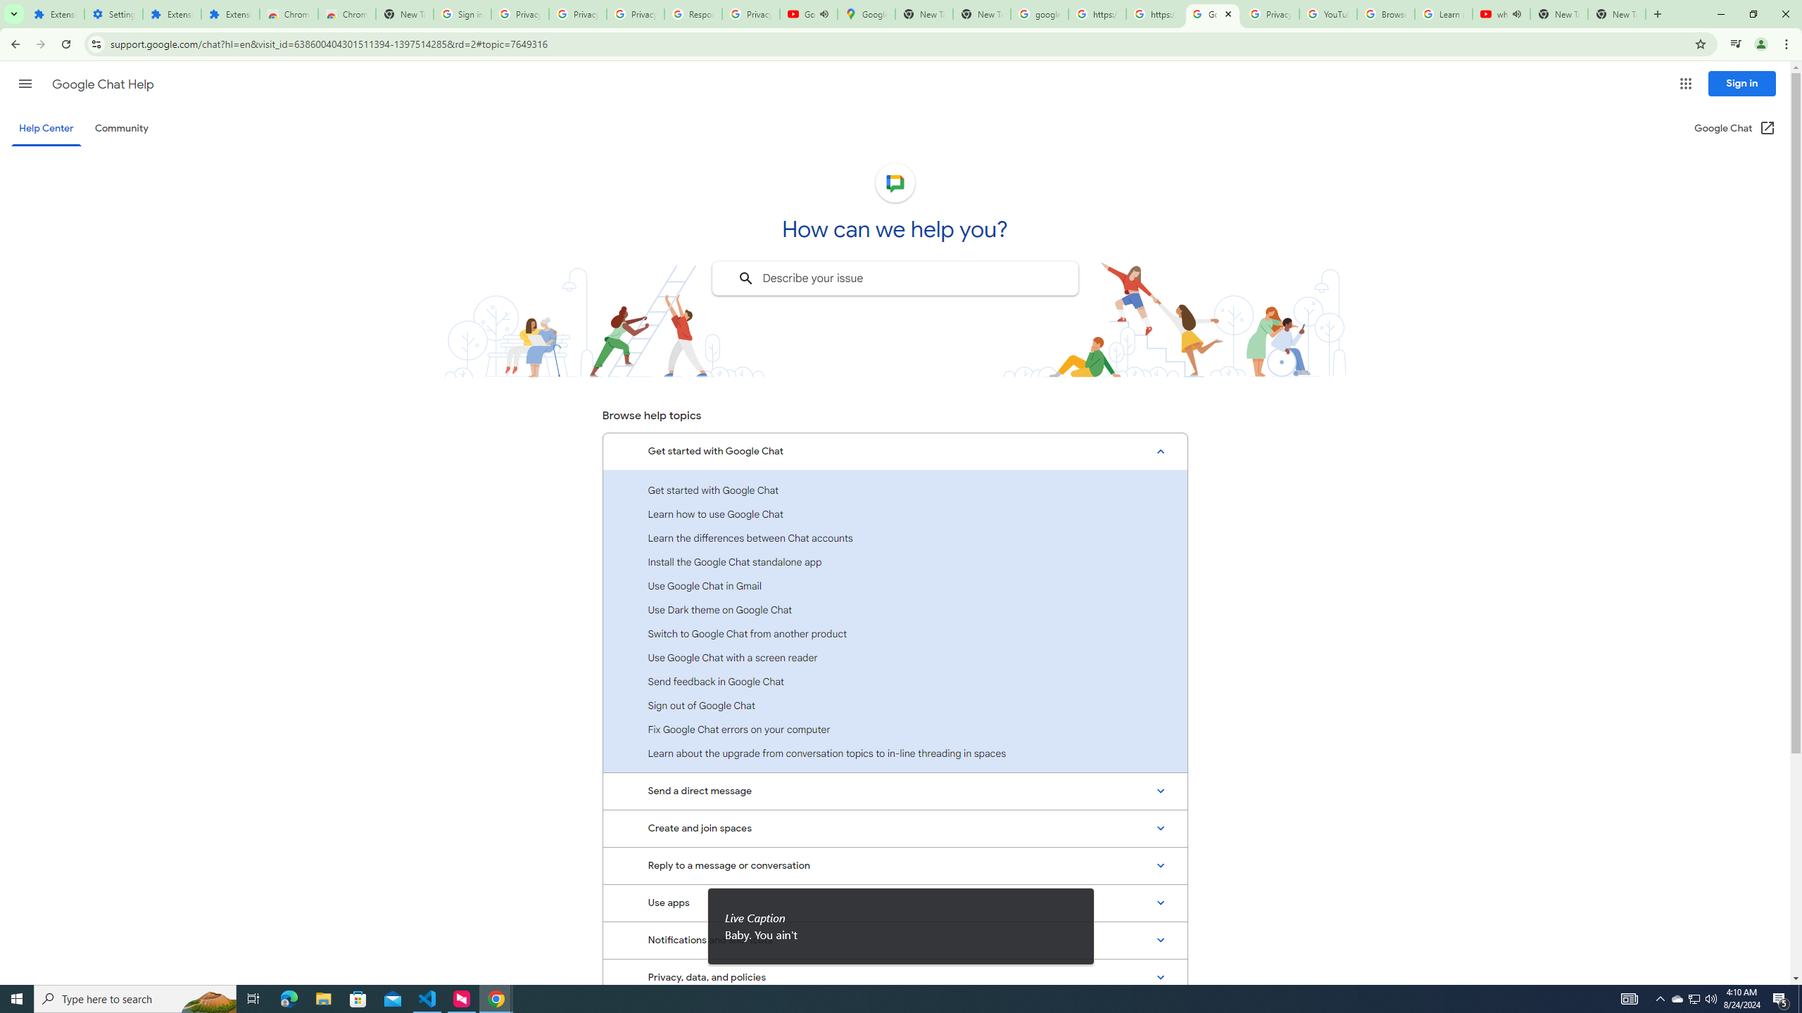 The height and width of the screenshot is (1013, 1802). Describe the element at coordinates (895, 585) in the screenshot. I see `'Use Google Chat in Gmail'` at that location.